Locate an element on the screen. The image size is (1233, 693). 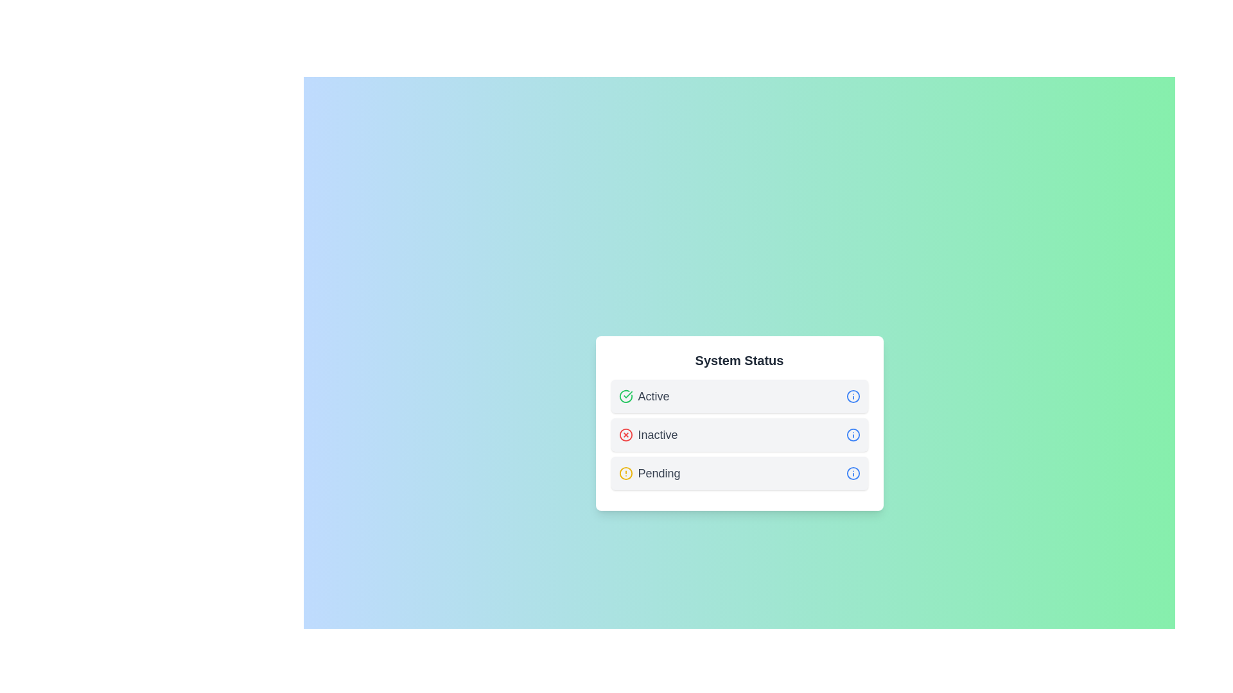
the third icon in the 'Pending' status row is located at coordinates (853, 473).